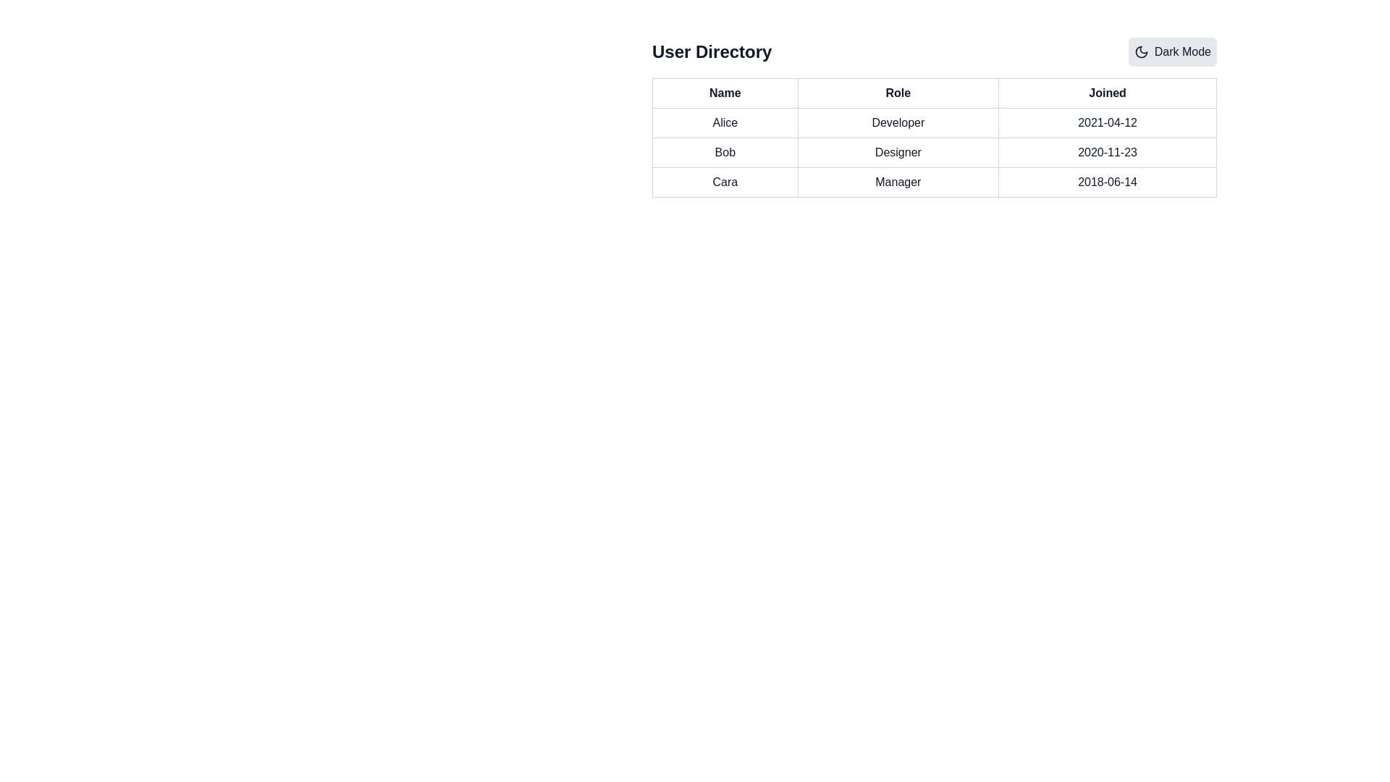 The image size is (1390, 782). What do you see at coordinates (725, 122) in the screenshot?
I see `text label displaying the name 'Alice' in the 'User Directory' table, specifically located in the first row under the 'Name' column` at bounding box center [725, 122].